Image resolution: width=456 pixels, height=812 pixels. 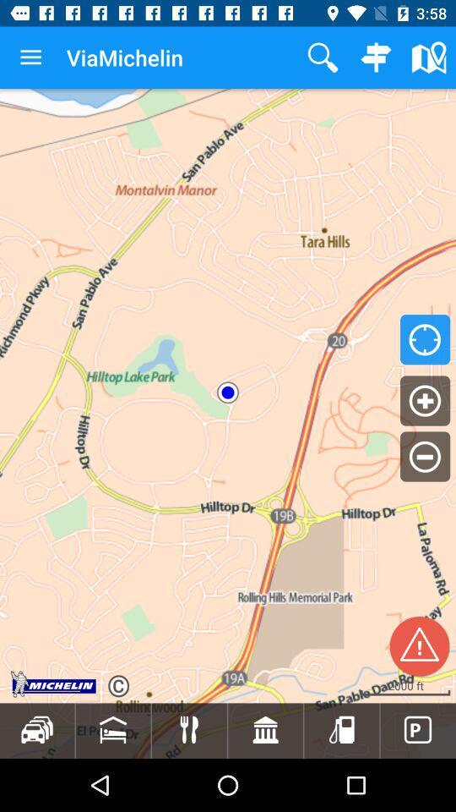 What do you see at coordinates (117, 686) in the screenshot?
I see `the refresh icon` at bounding box center [117, 686].